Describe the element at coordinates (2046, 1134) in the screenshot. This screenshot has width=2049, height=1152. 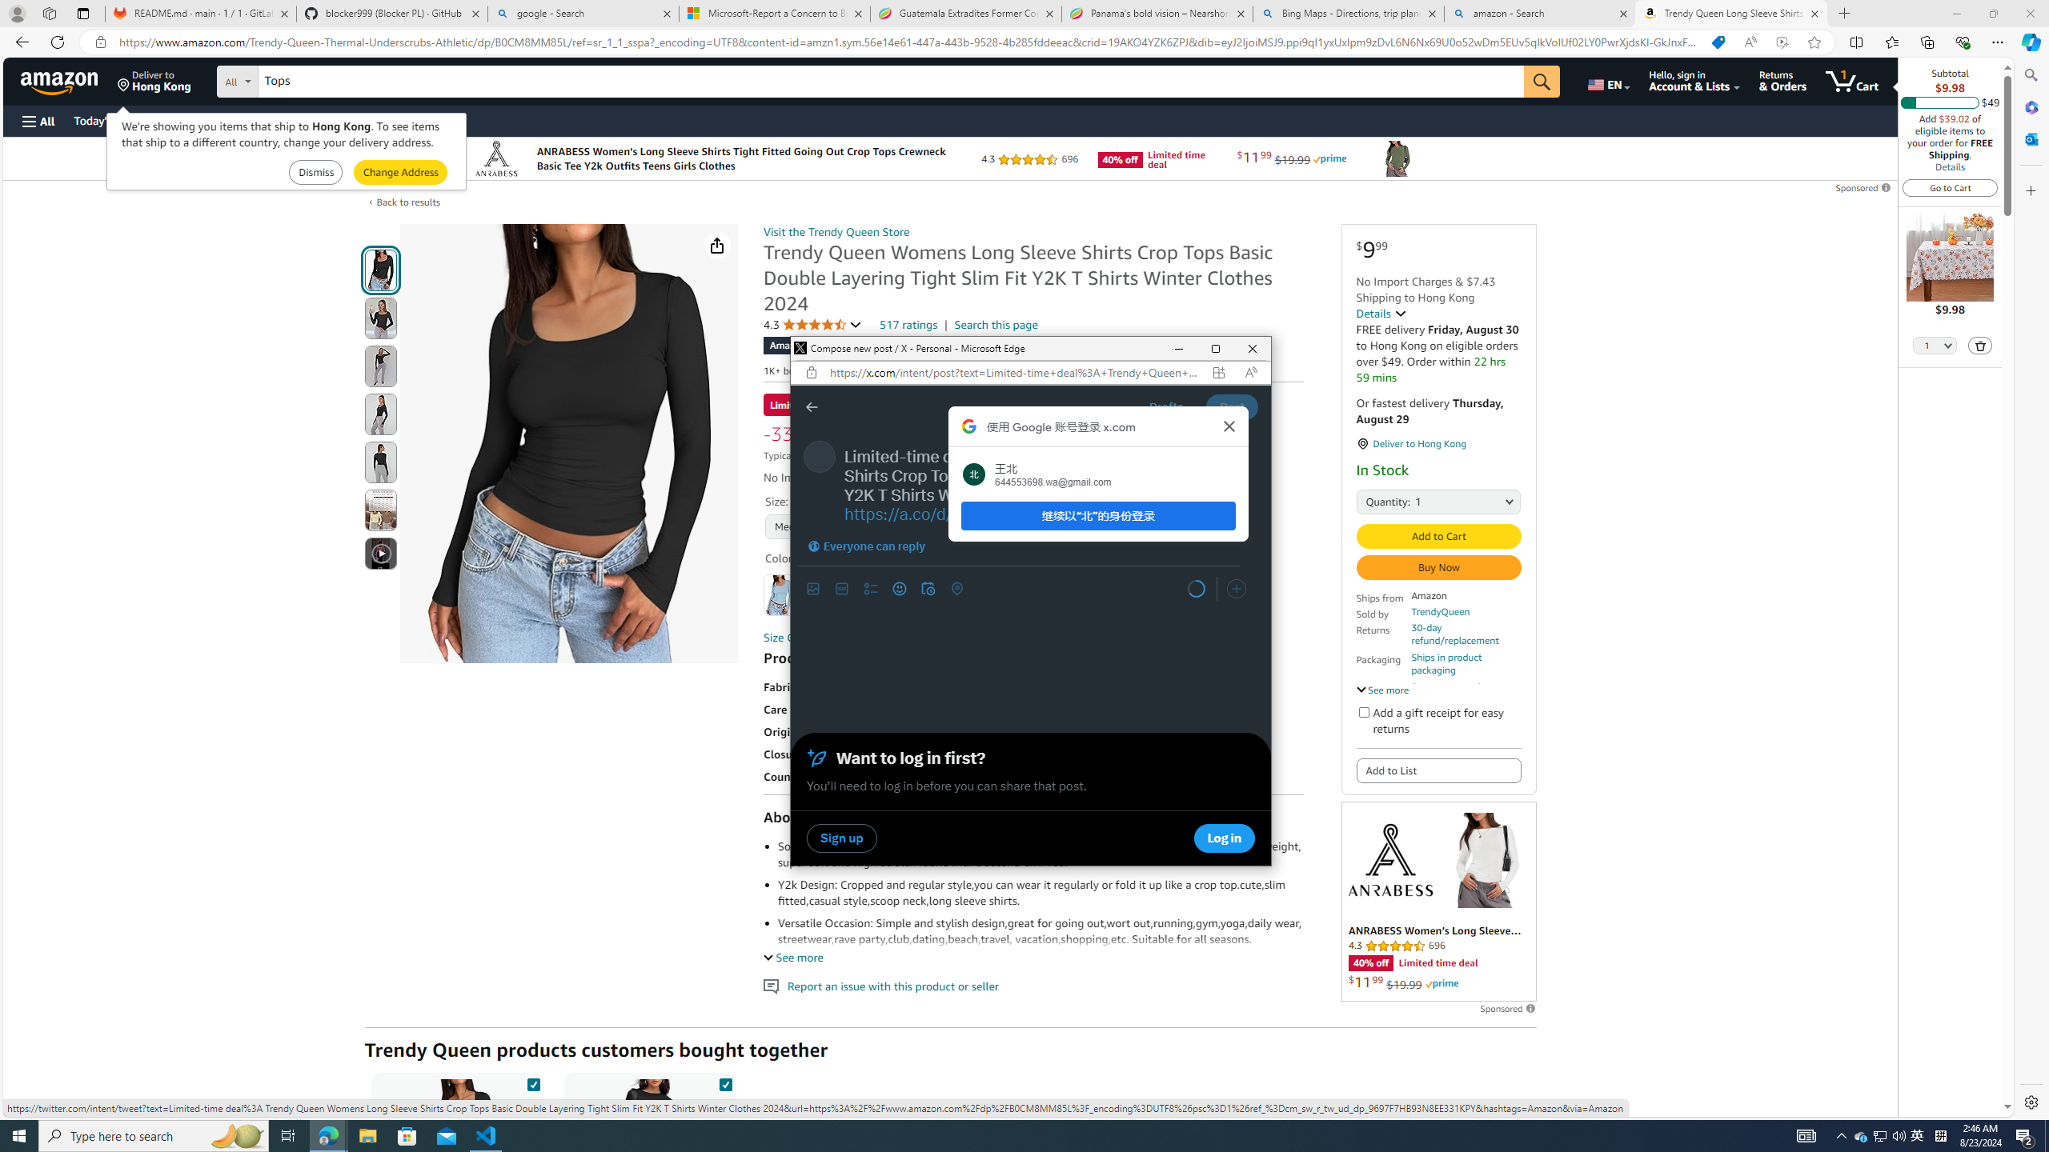
I see `'Show desktop'` at that location.